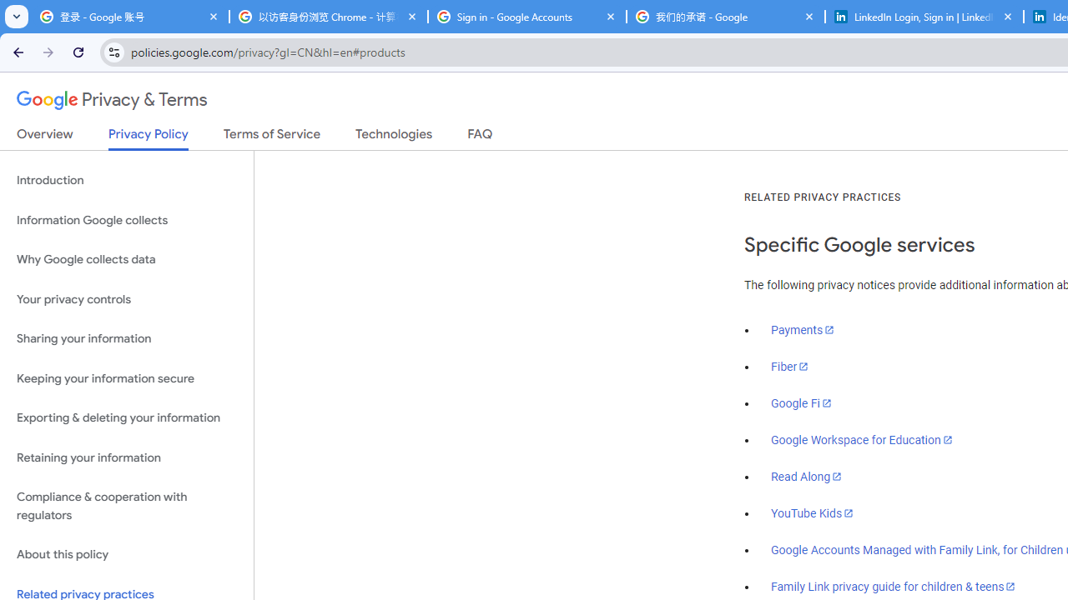 This screenshot has width=1068, height=600. What do you see at coordinates (801, 403) in the screenshot?
I see `'Google Fi'` at bounding box center [801, 403].